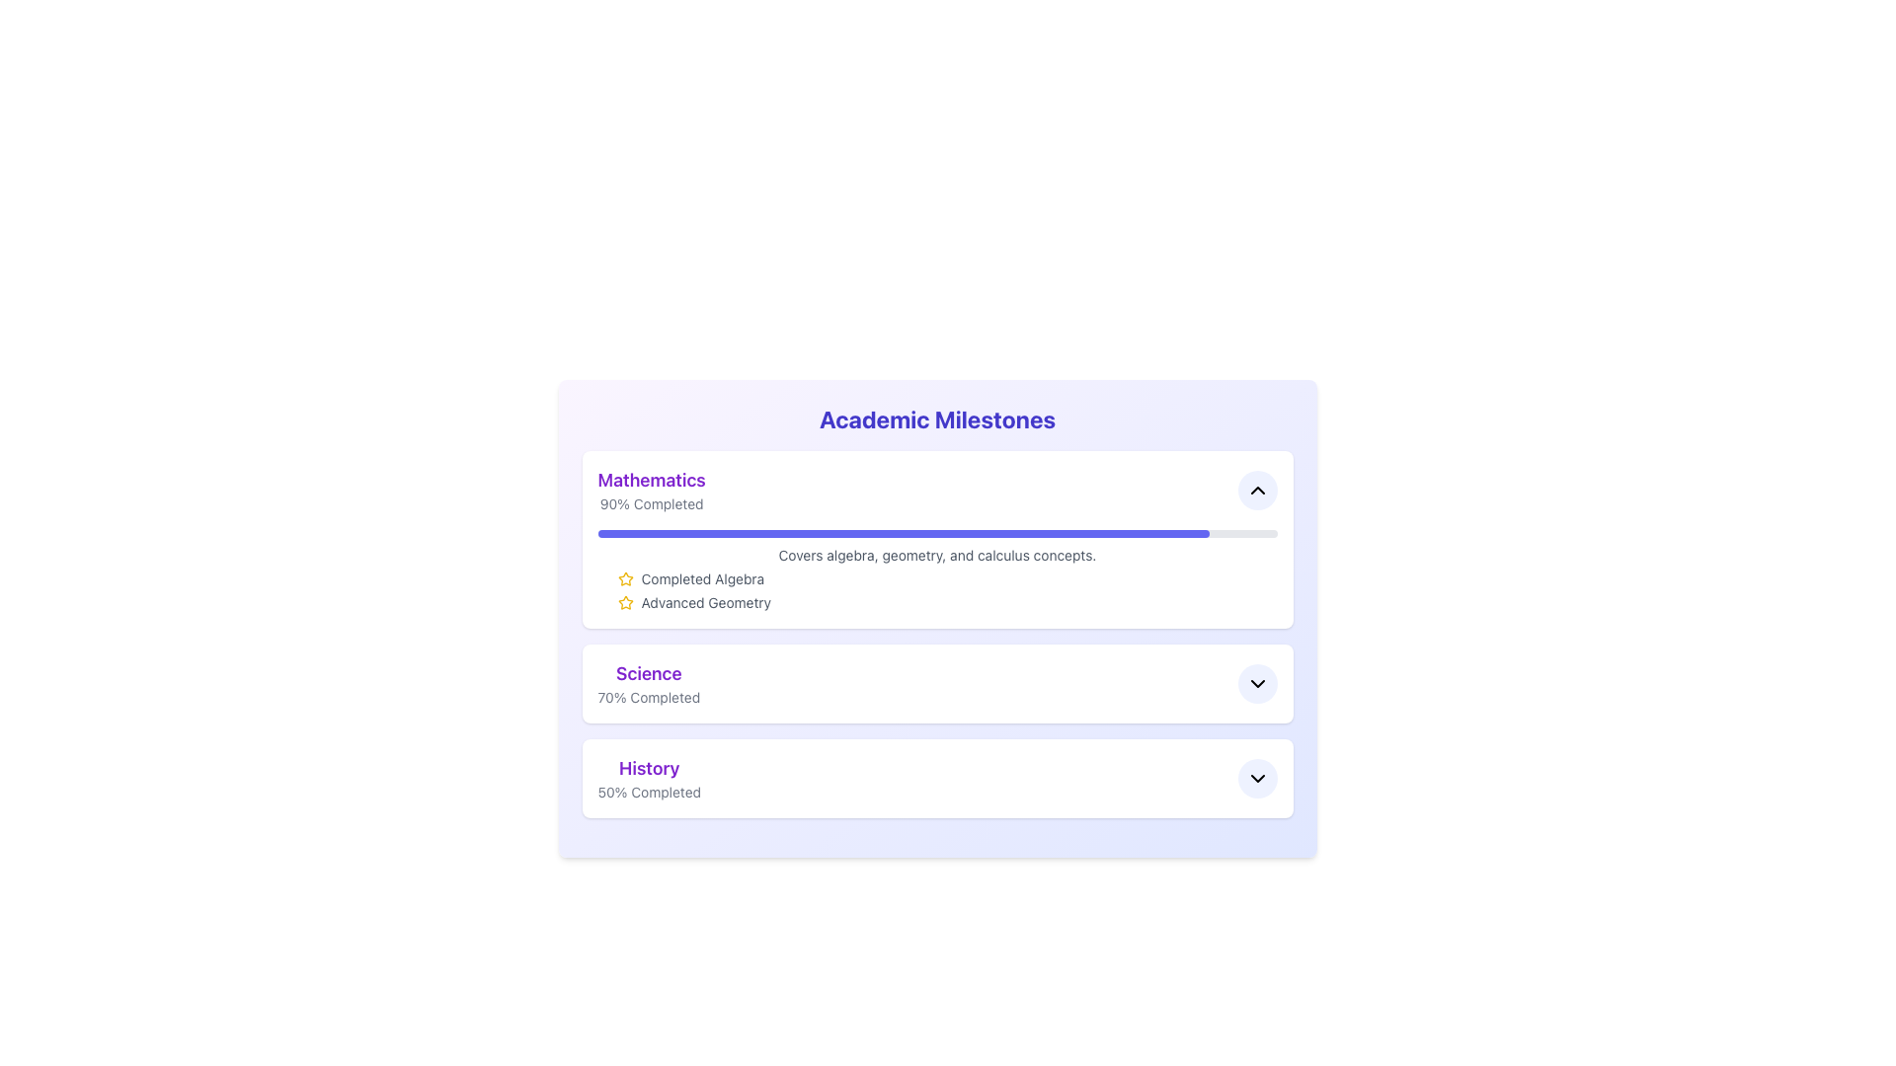 This screenshot has height=1066, width=1896. What do you see at coordinates (1256, 683) in the screenshot?
I see `the toggle button at the far right of the row for 'Science 70% Completed'` at bounding box center [1256, 683].